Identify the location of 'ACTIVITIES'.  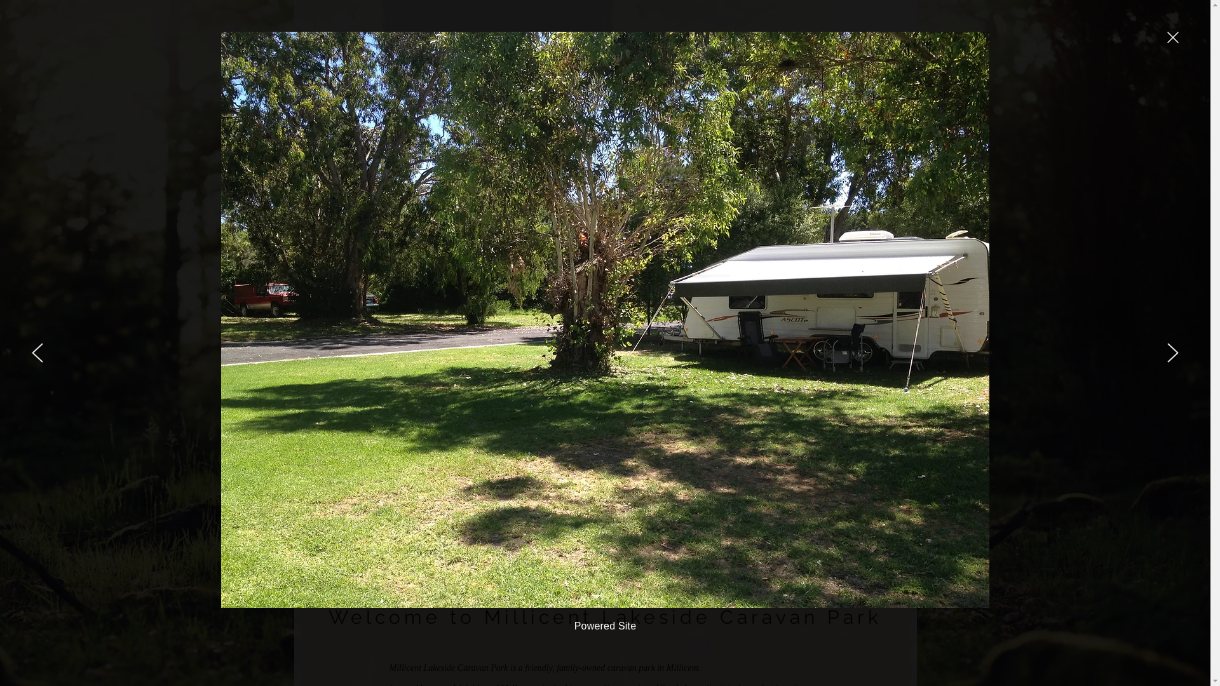
(764, 190).